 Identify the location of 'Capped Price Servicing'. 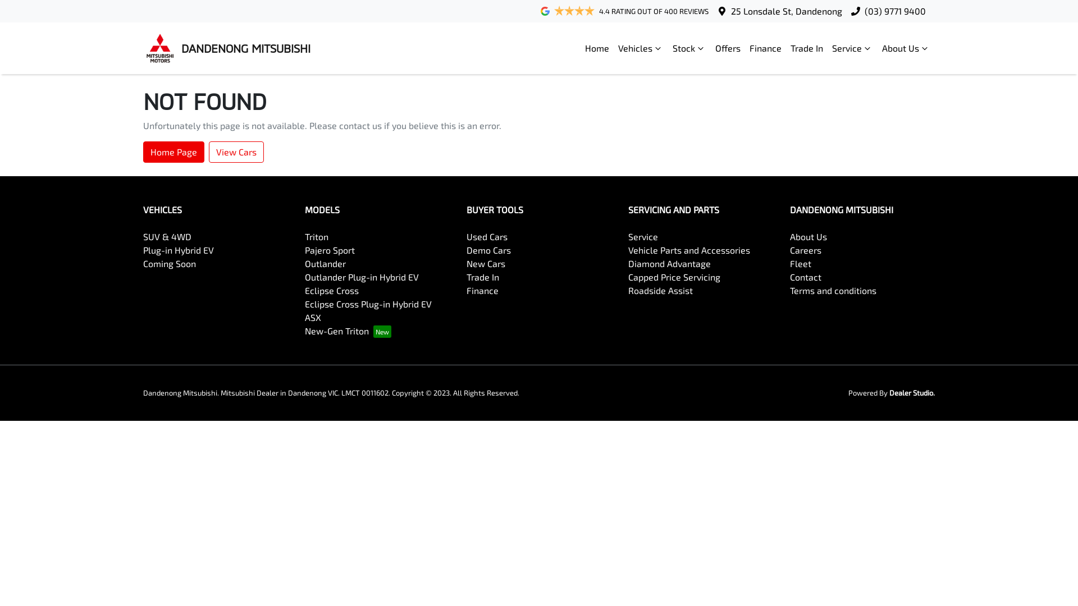
(627, 277).